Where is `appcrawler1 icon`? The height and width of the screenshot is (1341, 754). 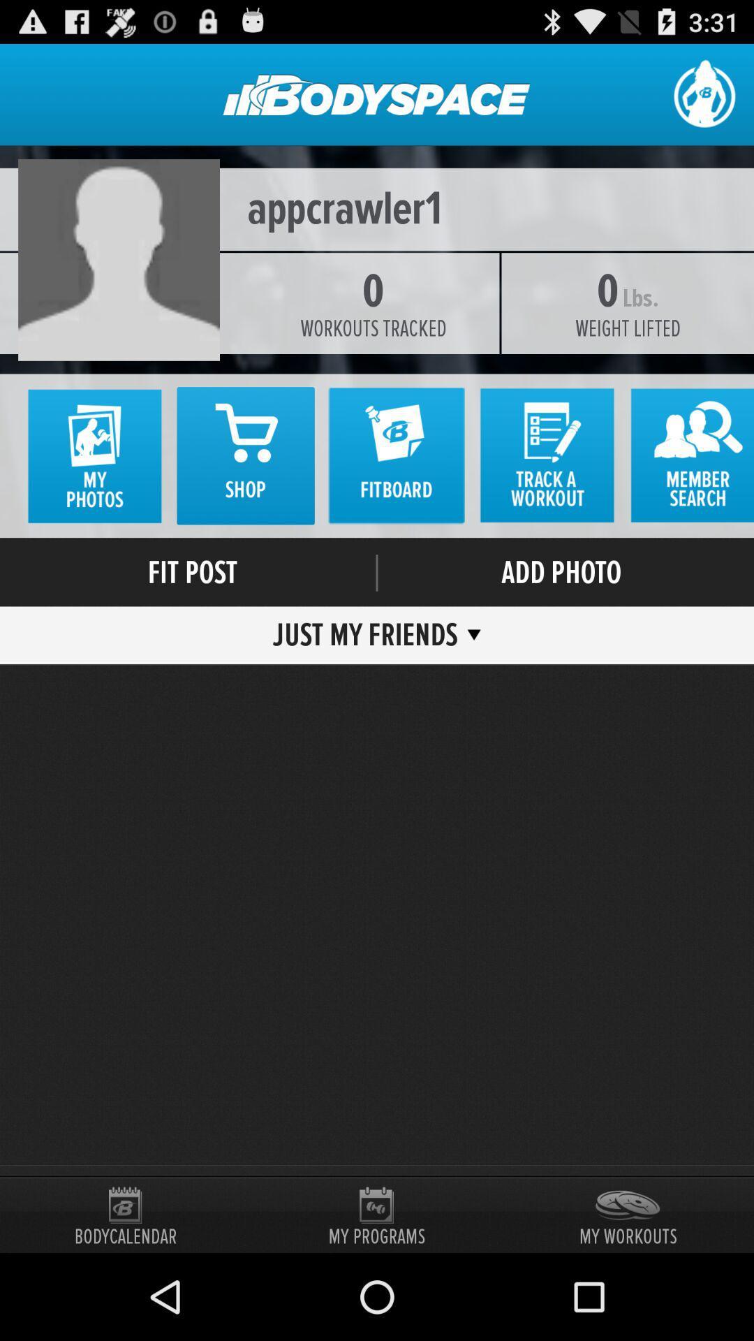
appcrawler1 icon is located at coordinates (377, 208).